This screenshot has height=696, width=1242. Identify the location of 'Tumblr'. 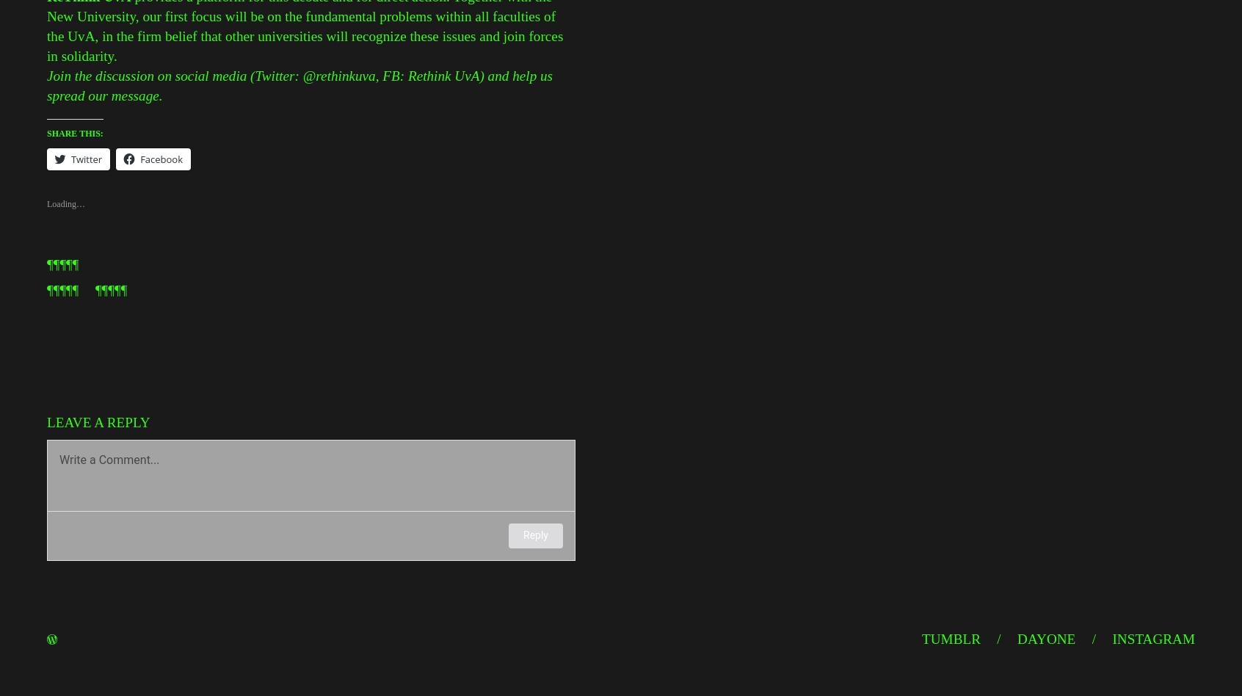
(950, 638).